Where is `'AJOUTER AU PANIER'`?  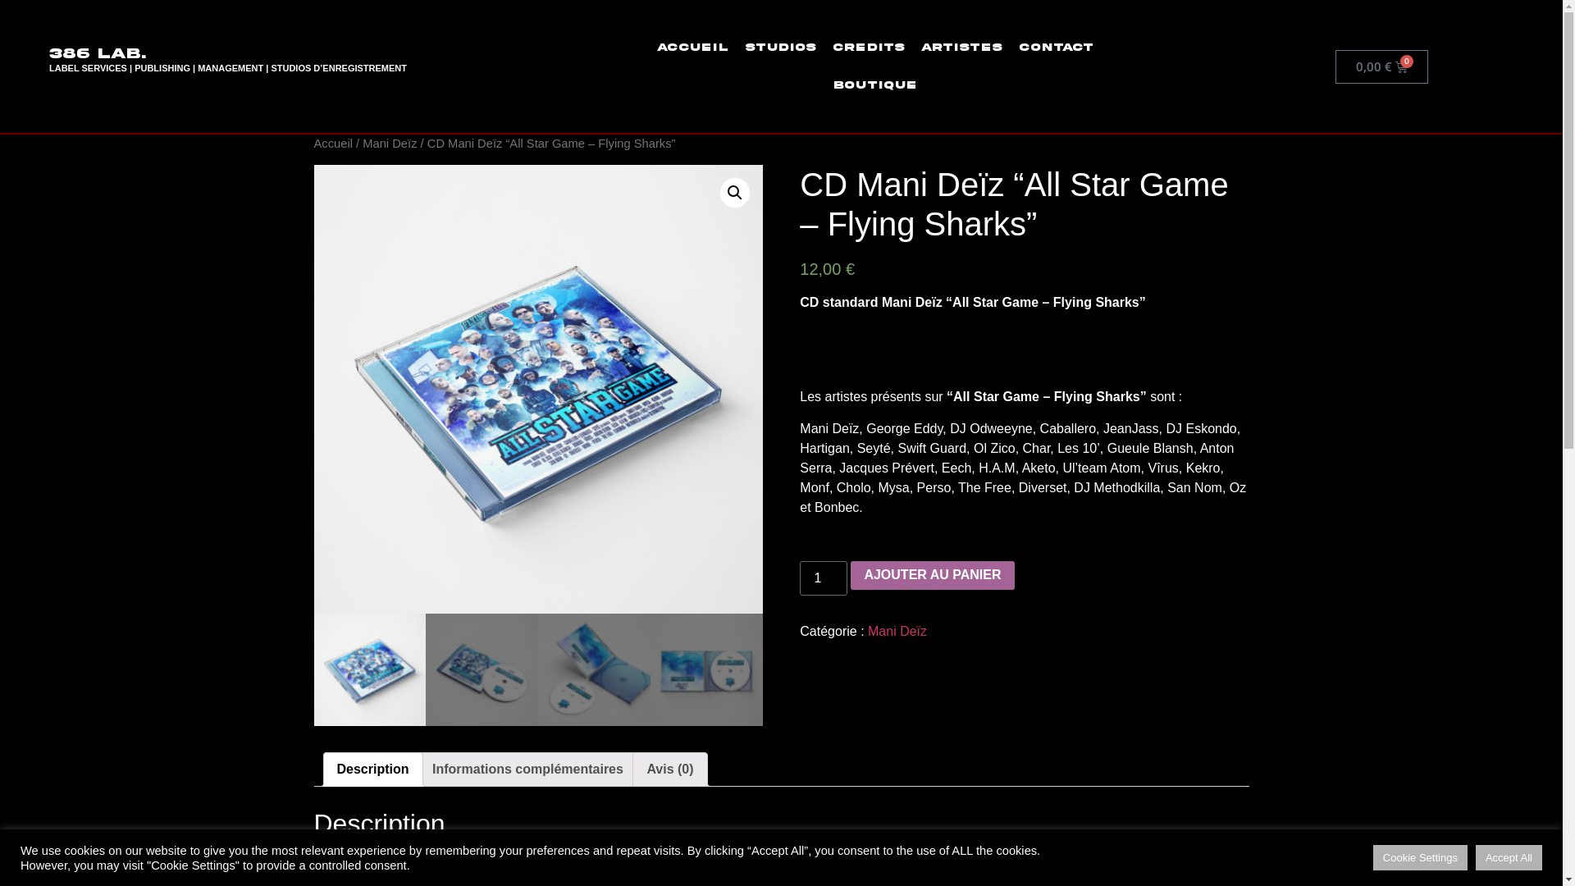 'AJOUTER AU PANIER' is located at coordinates (932, 575).